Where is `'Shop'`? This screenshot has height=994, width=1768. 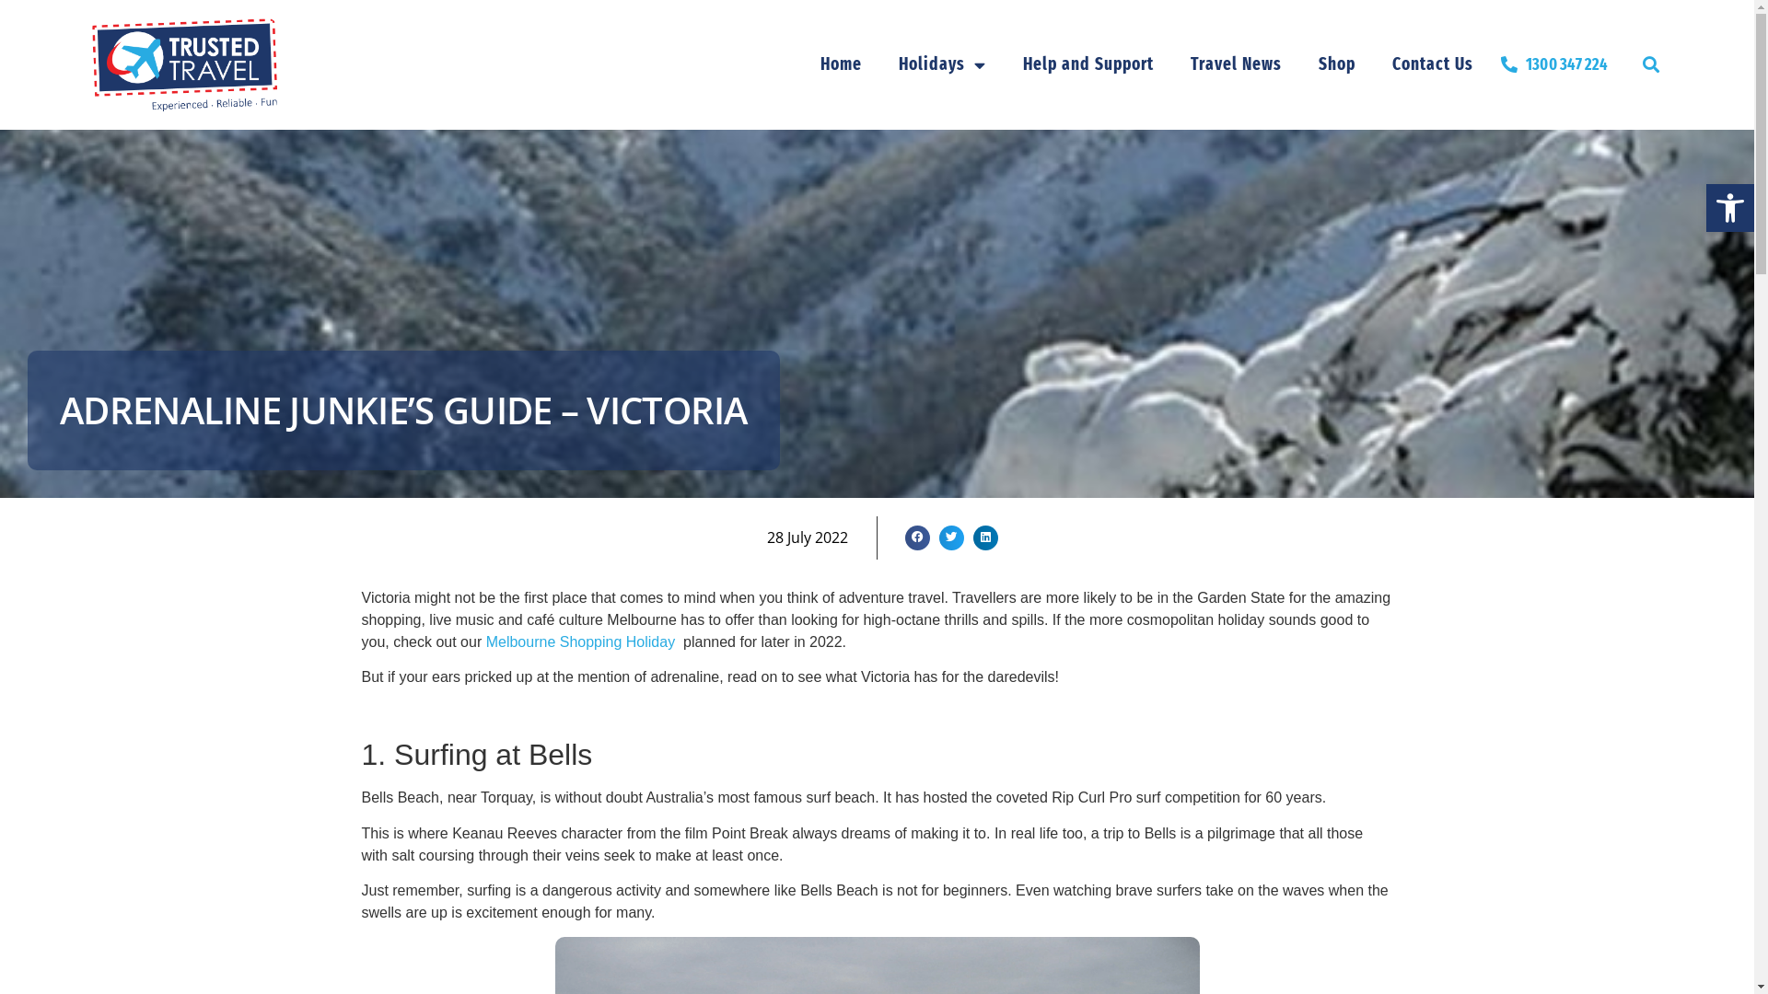 'Shop' is located at coordinates (1298, 63).